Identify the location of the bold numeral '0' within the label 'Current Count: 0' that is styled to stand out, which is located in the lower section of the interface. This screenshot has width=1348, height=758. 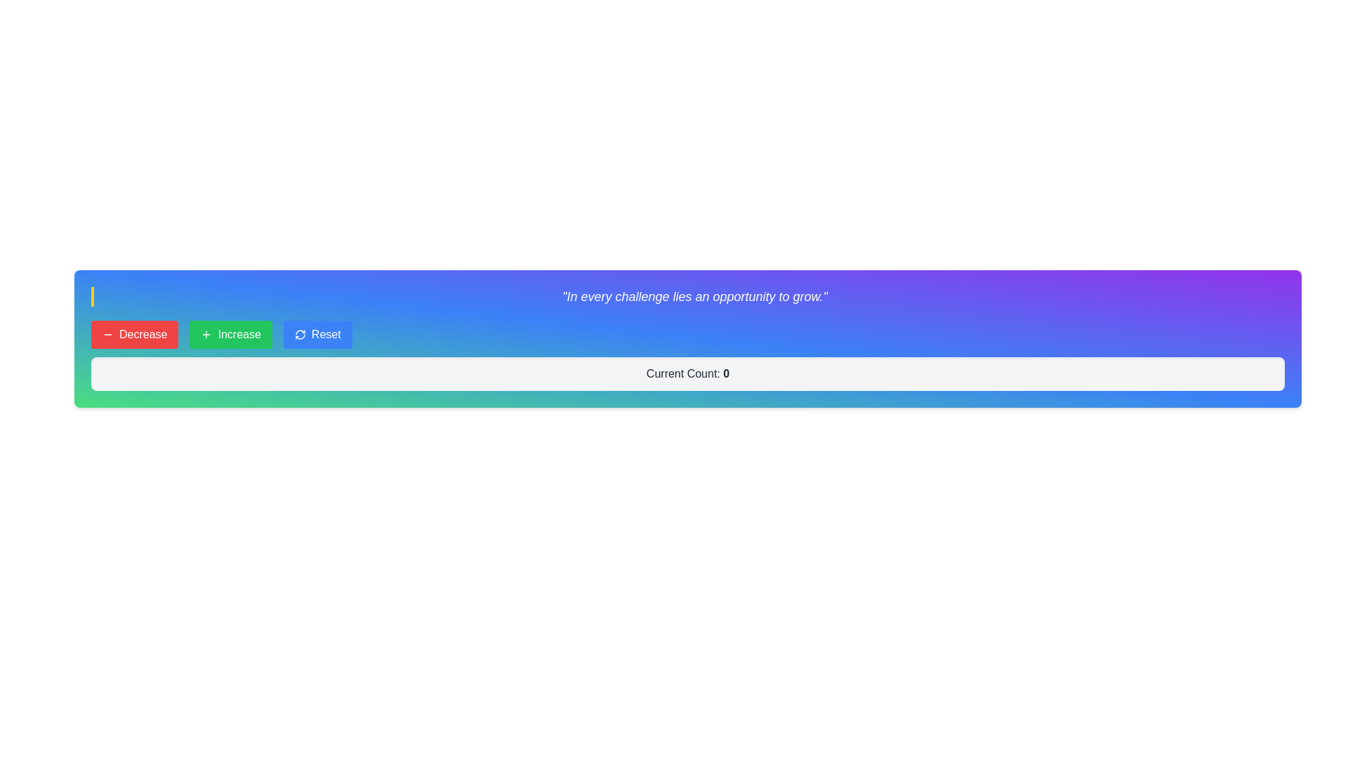
(726, 373).